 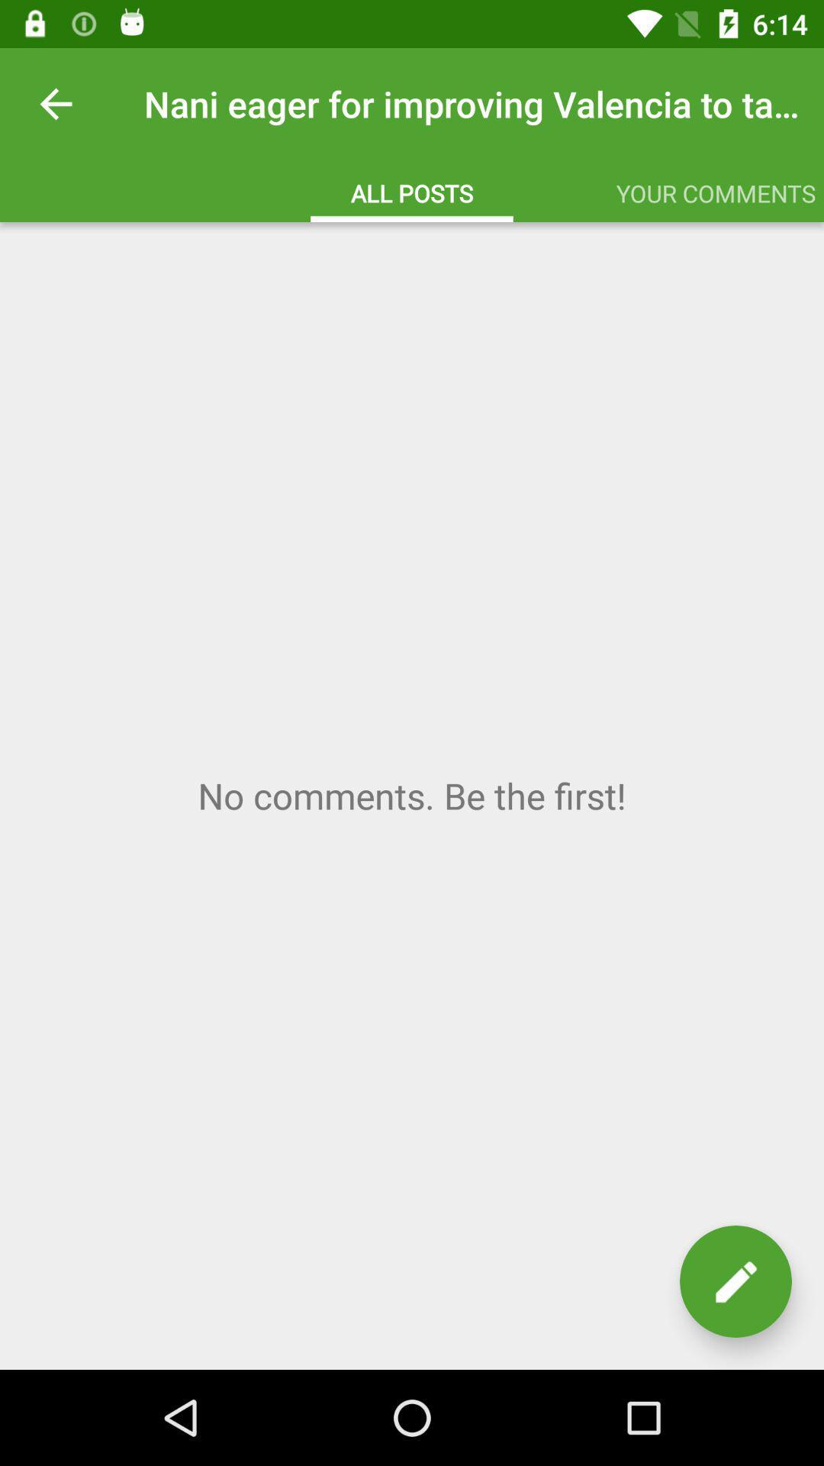 I want to click on comment area, so click(x=412, y=795).